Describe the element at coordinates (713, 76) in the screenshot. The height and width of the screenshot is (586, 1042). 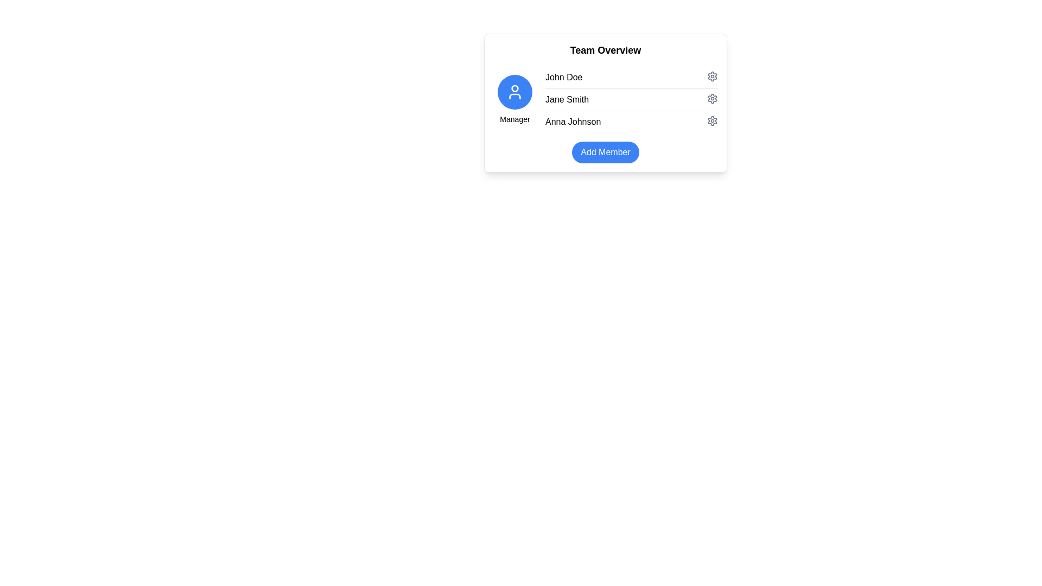
I see `the settings button located in the top-right of the row for user 'John Doe'` at that location.